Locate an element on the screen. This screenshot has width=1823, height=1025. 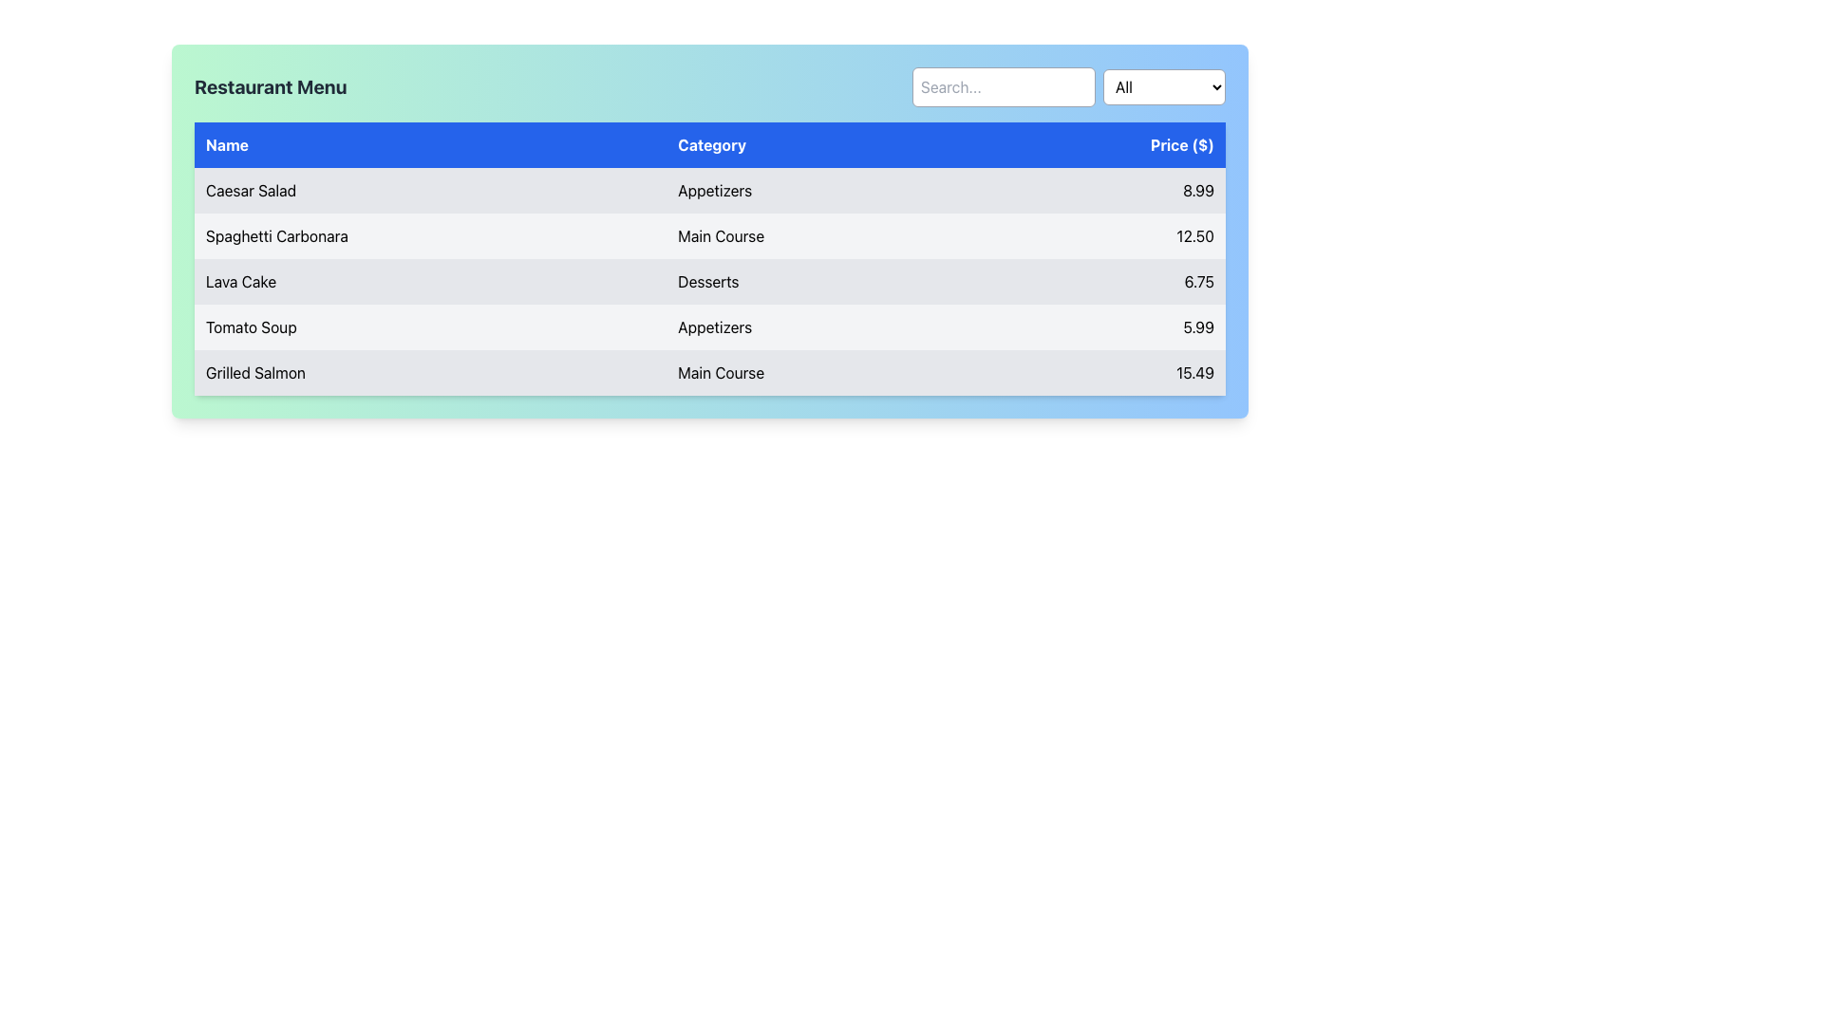
the Table Header Row, which provides context and labels for the columns of data in the table is located at coordinates (709, 144).